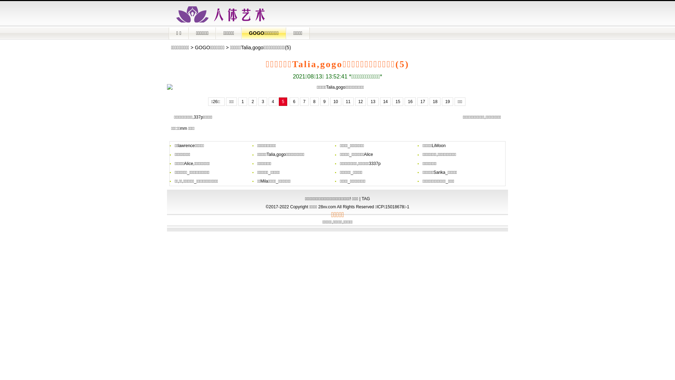  Describe the element at coordinates (272, 102) in the screenshot. I see `'4'` at that location.